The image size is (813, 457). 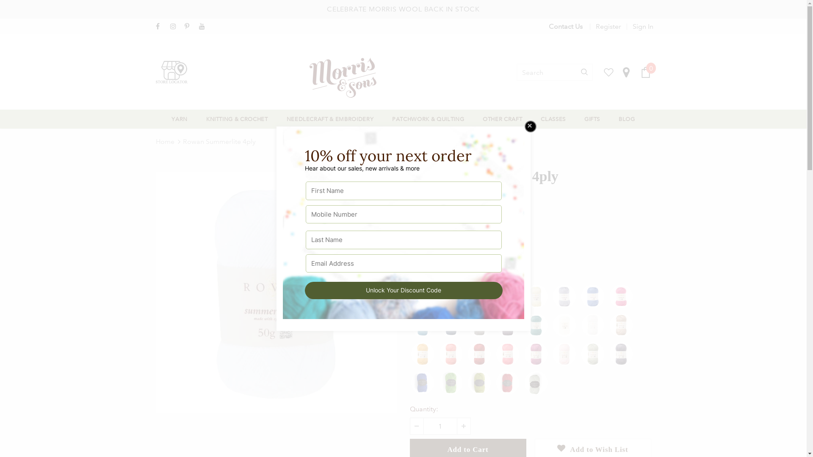 What do you see at coordinates (237, 119) in the screenshot?
I see `'KNITTING & CROCHET'` at bounding box center [237, 119].